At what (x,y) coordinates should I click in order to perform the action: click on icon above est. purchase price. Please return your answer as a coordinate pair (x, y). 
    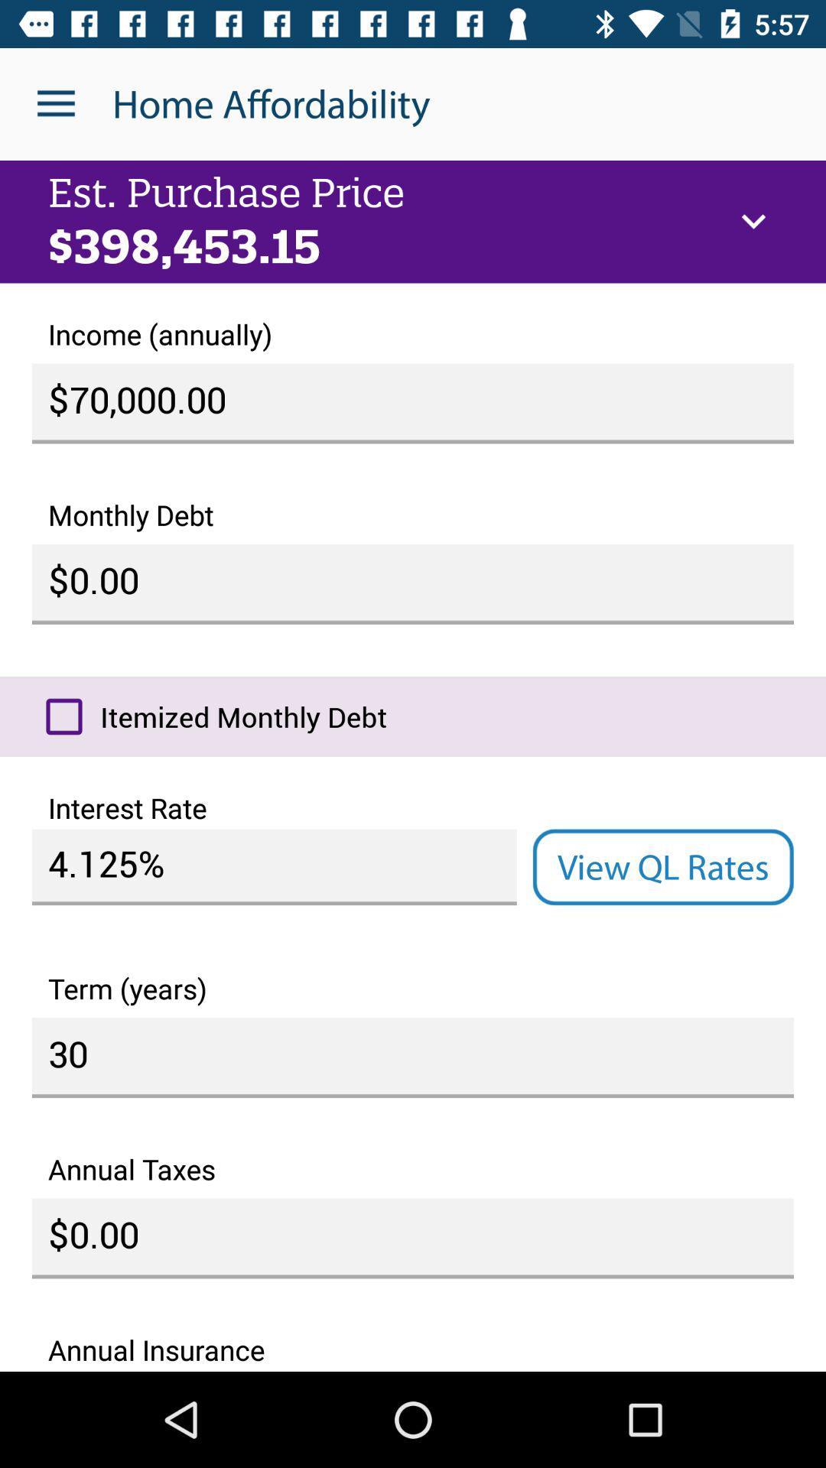
    Looking at the image, I should click on (55, 103).